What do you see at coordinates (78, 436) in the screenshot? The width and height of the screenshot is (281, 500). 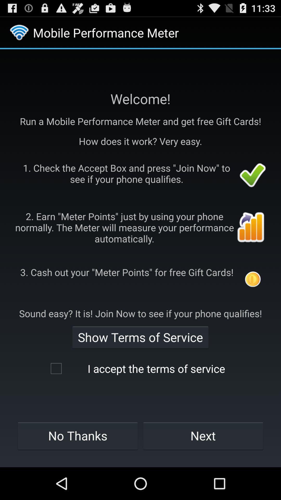 I see `button to the left of the next` at bounding box center [78, 436].